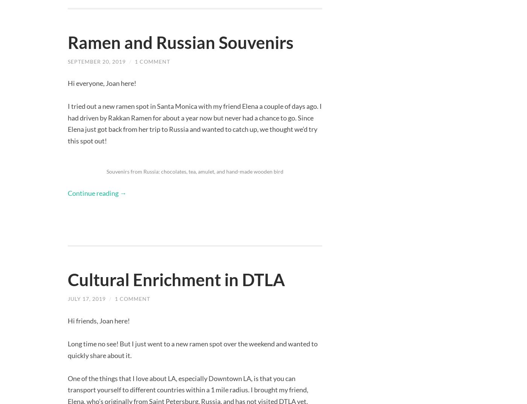 Image resolution: width=527 pixels, height=404 pixels. I want to click on 'Ramen and Russian Souvenirs', so click(181, 42).